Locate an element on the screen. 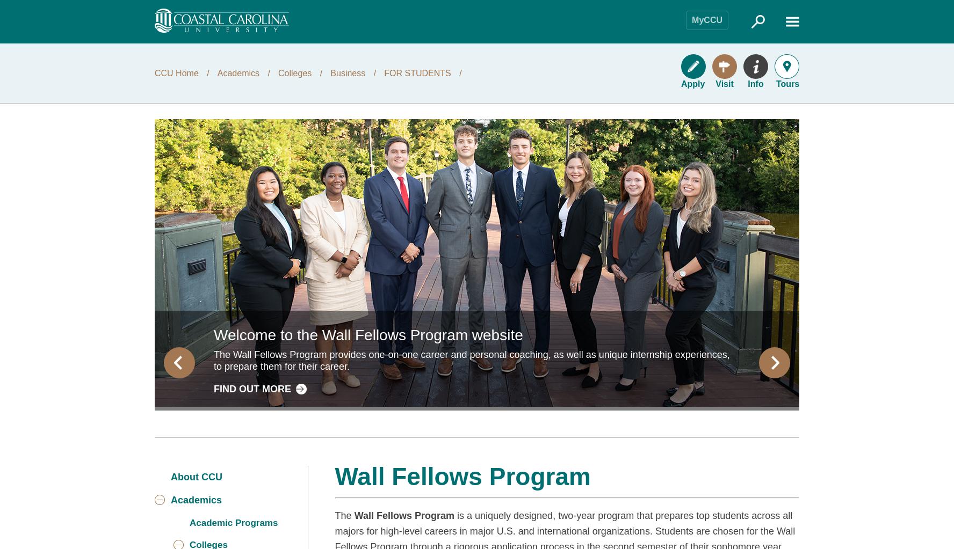 Image resolution: width=954 pixels, height=549 pixels. 'Welcome to the Wall Fellows Program website' is located at coordinates (368, 334).